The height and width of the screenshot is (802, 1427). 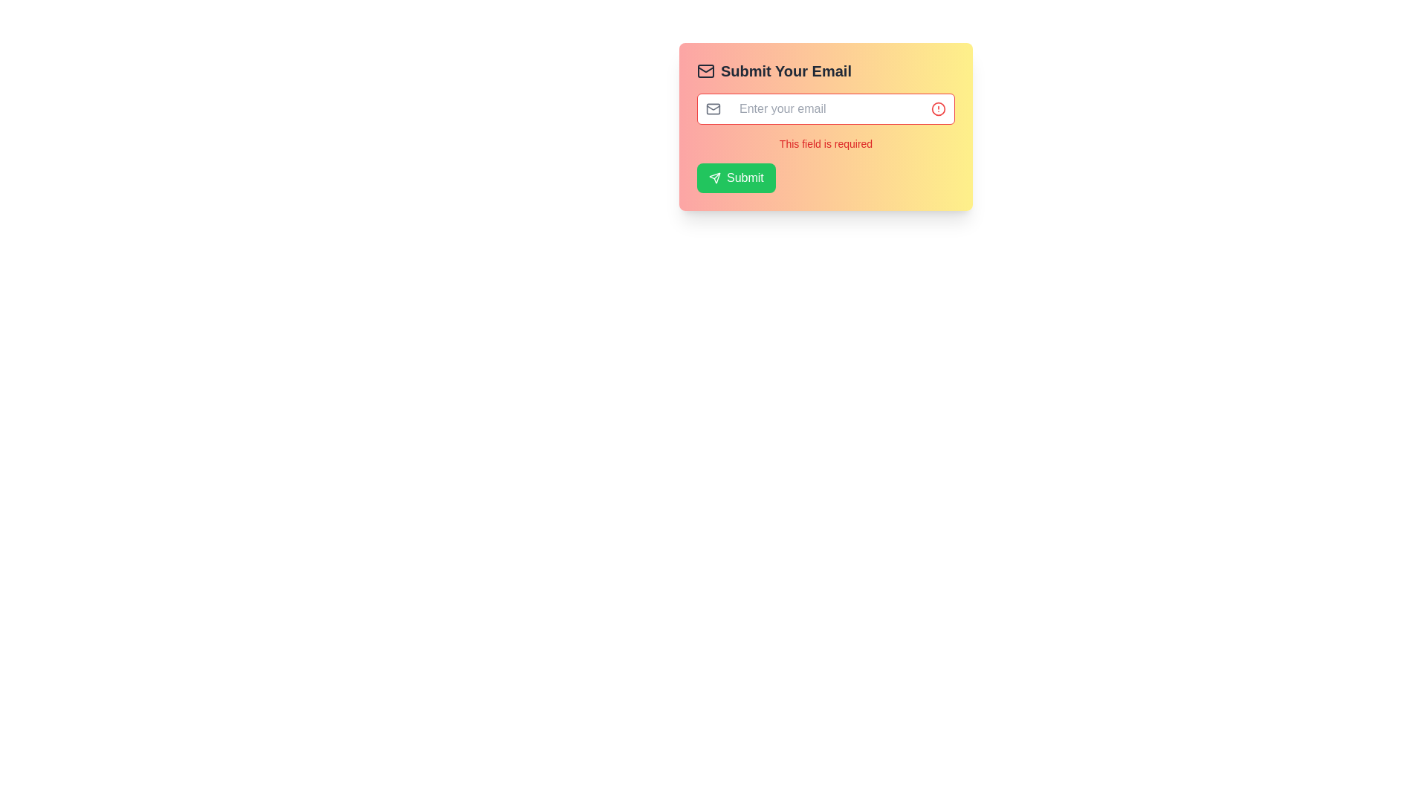 What do you see at coordinates (713, 108) in the screenshot?
I see `the decorative SVG shape that is part of the envelope icon, positioned near the email input field labeled 'Enter your email'` at bounding box center [713, 108].